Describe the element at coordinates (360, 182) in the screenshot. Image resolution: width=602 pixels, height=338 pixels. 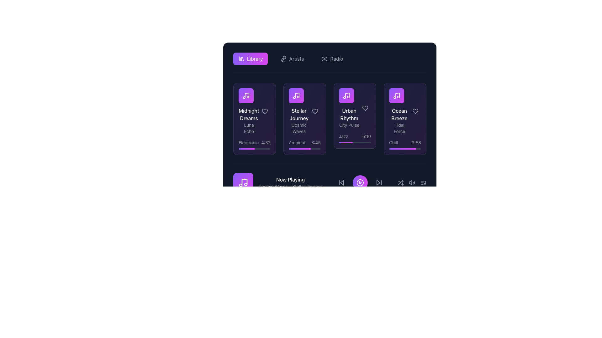
I see `the circular play button featuring a gradient background and a white triangle play icon` at that location.